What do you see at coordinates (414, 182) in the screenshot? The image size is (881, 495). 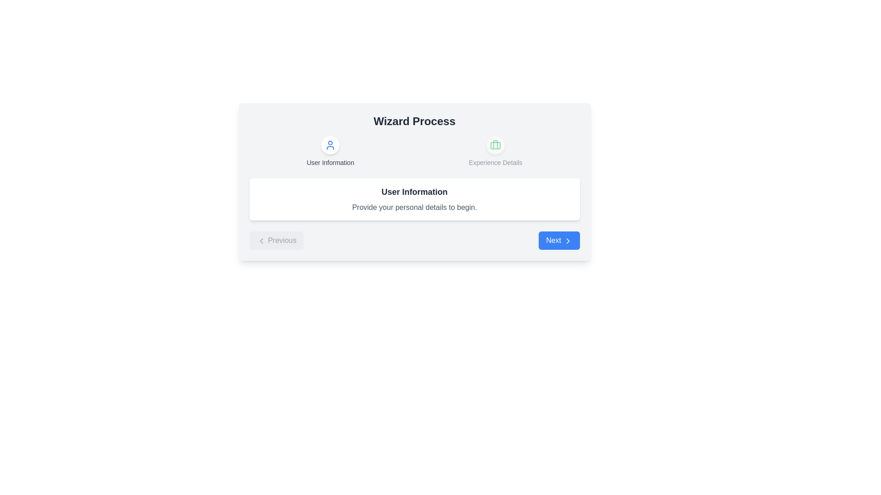 I see `the informational panel that provides guidance for the 'User Information' step in the wizard process` at bounding box center [414, 182].